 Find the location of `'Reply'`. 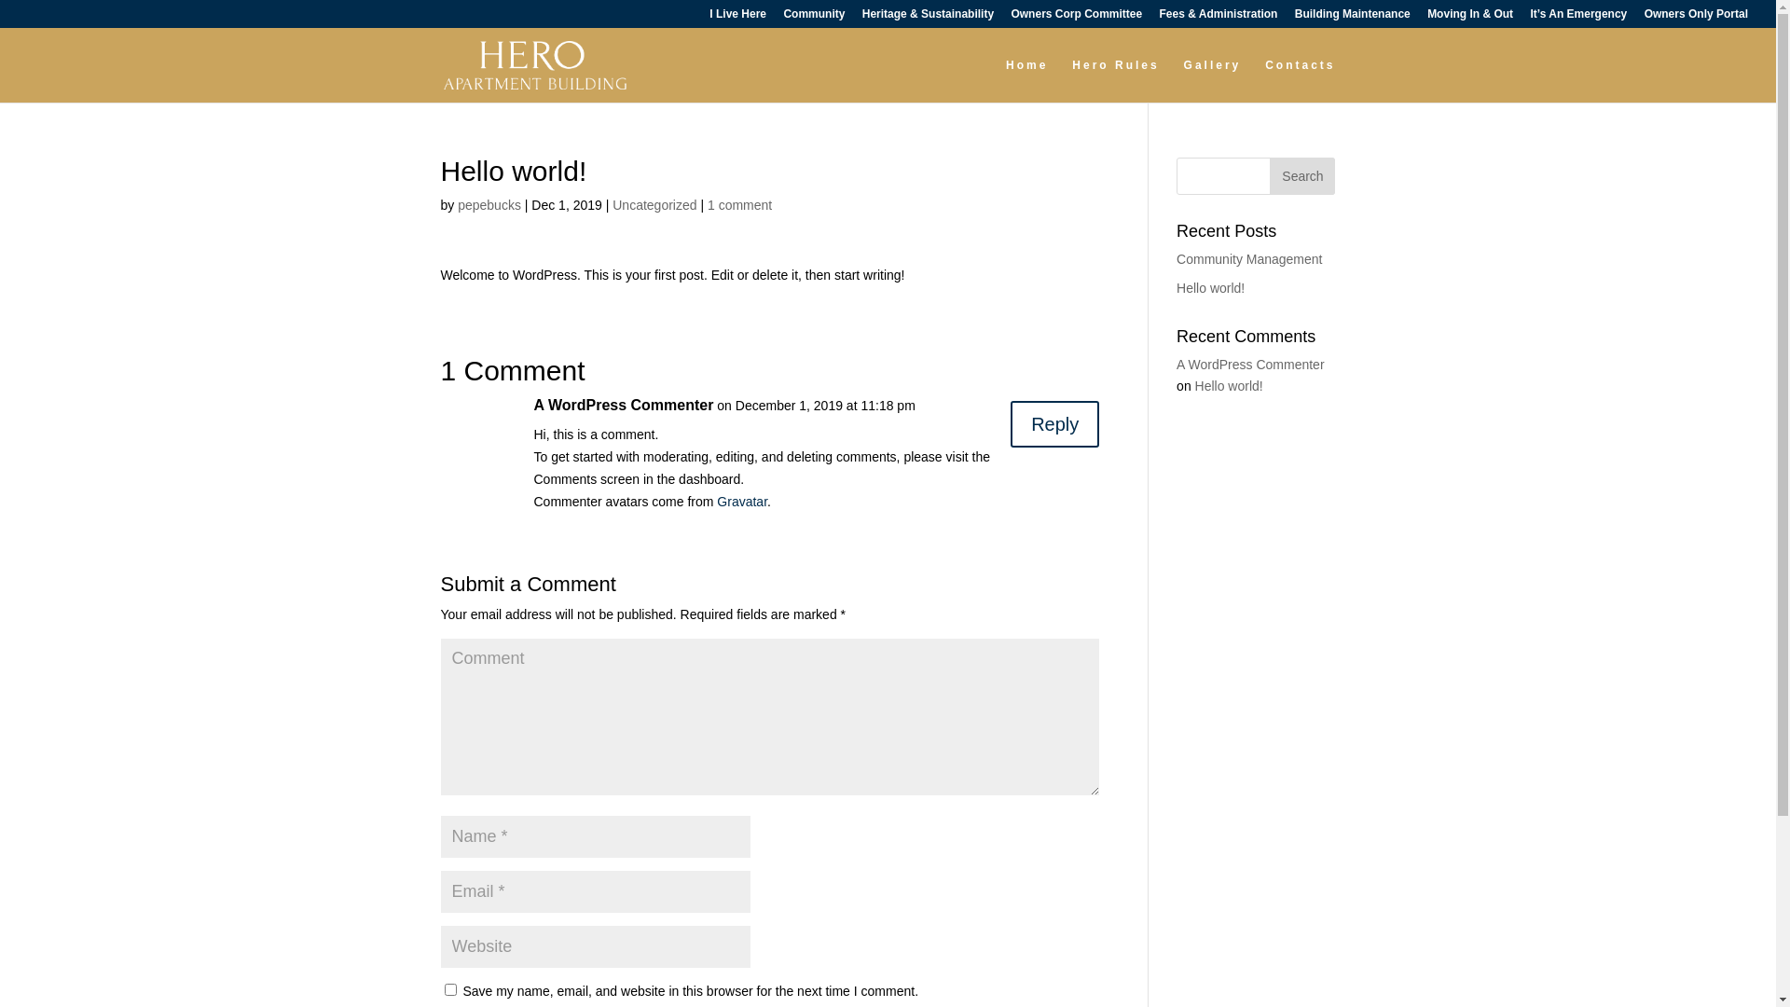

'Reply' is located at coordinates (1010, 424).